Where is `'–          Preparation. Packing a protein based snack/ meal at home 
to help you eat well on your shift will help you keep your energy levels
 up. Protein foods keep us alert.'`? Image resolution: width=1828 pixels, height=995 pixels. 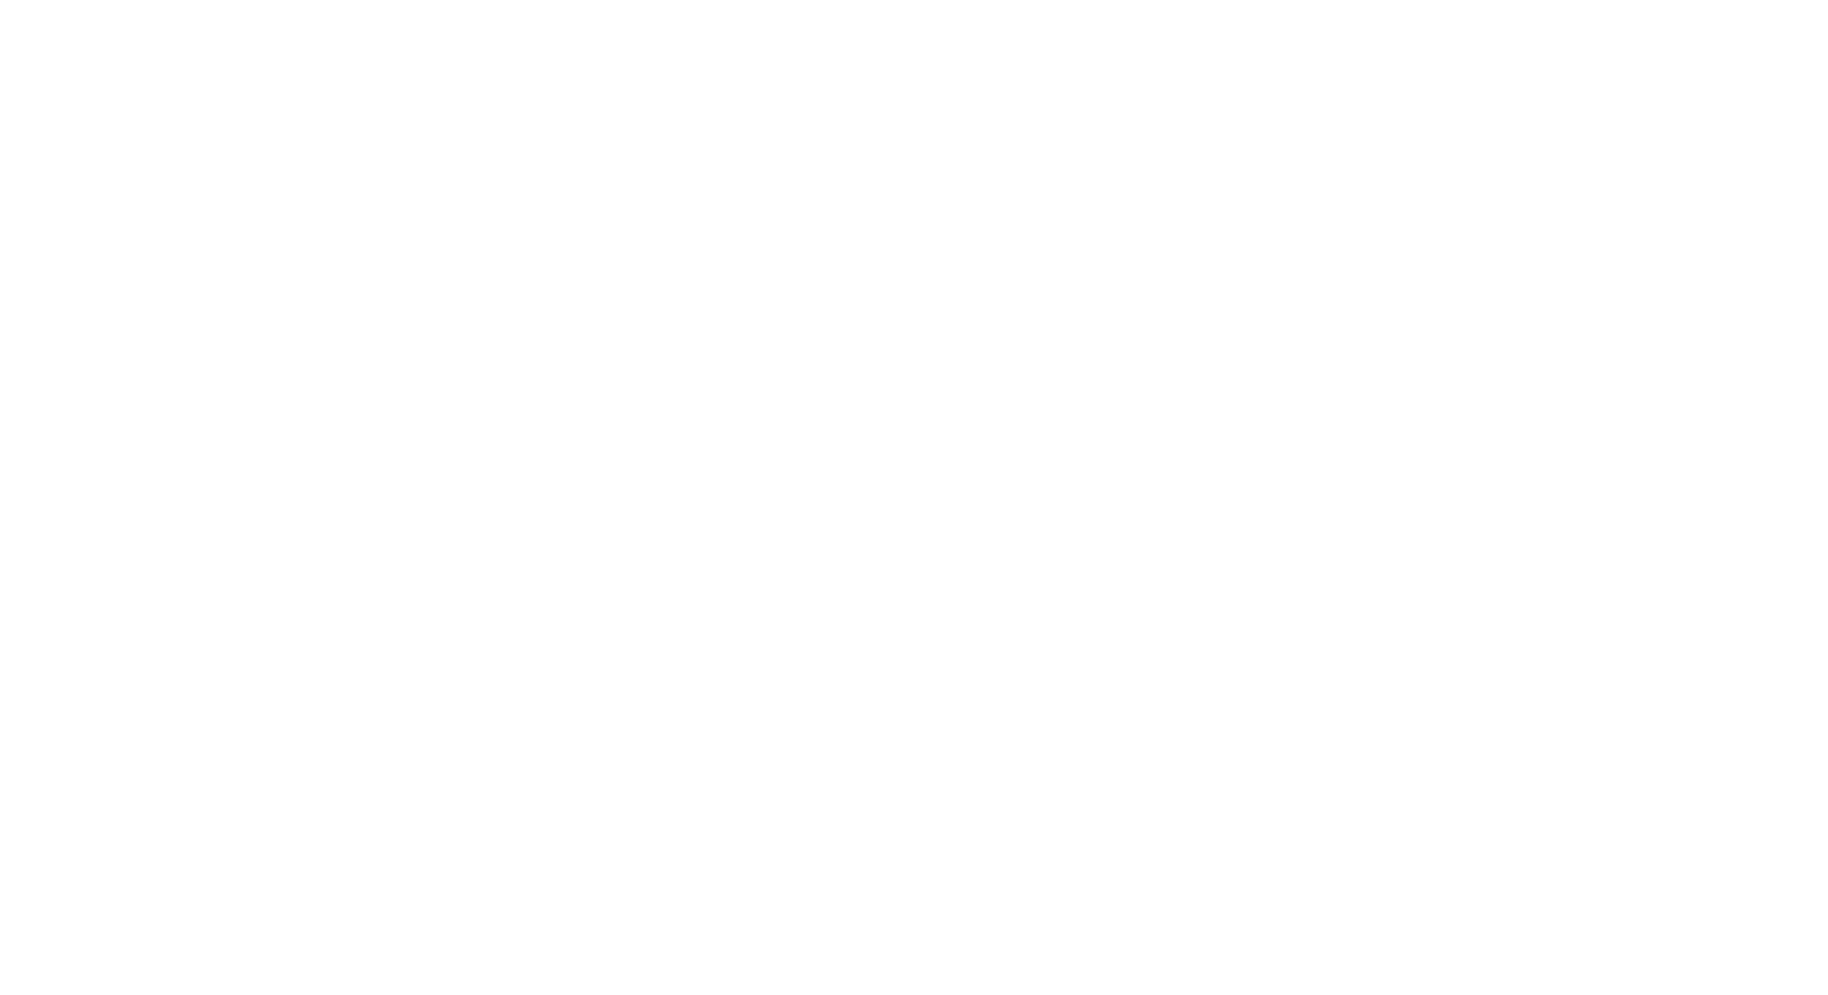 '–          Preparation. Packing a protein based snack/ meal at home 
to help you eat well on your shift will help you keep your energy levels
 up. Protein foods keep us alert.' is located at coordinates (759, 753).